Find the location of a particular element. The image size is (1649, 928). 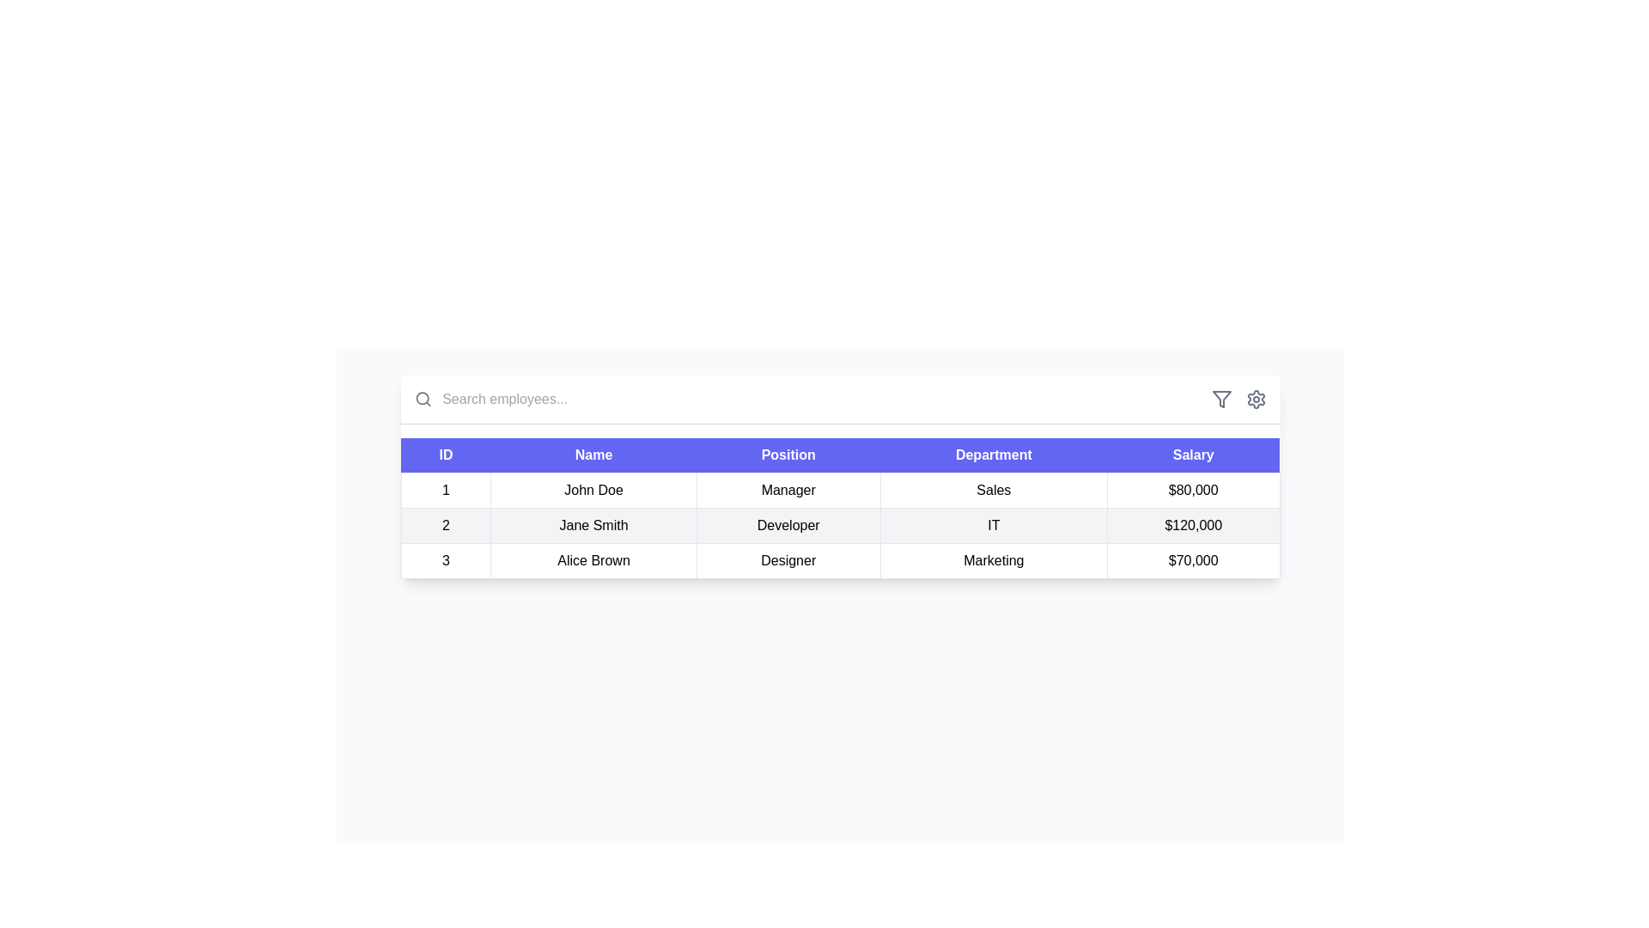

the Text Display element that contains the name 'Jane Smith', which is located in the second cell of the second row in the table is located at coordinates (593, 525).